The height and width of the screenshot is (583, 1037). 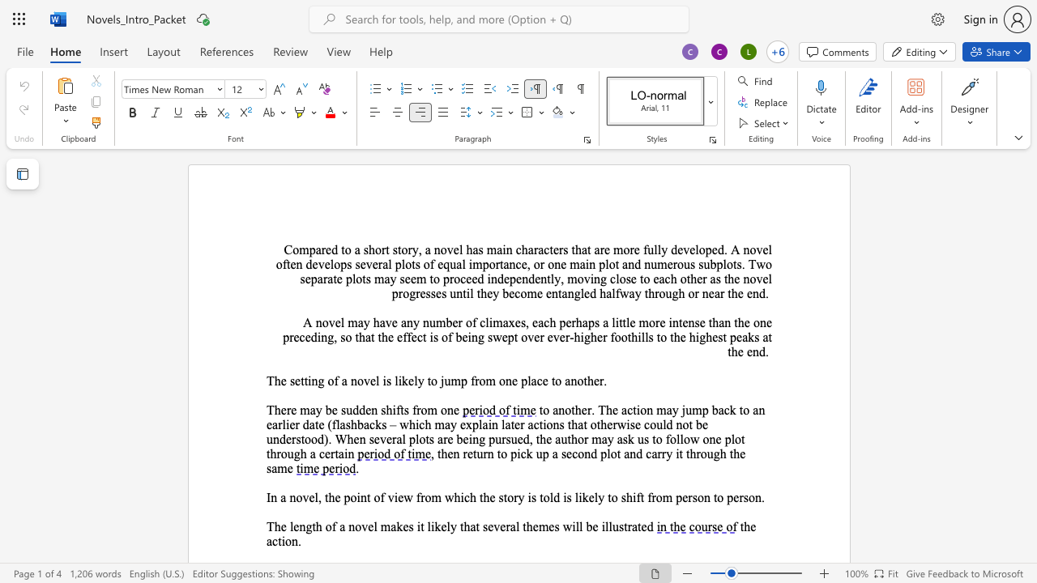 What do you see at coordinates (715, 263) in the screenshot?
I see `the space between the continuous character "b" and "p" in the text` at bounding box center [715, 263].